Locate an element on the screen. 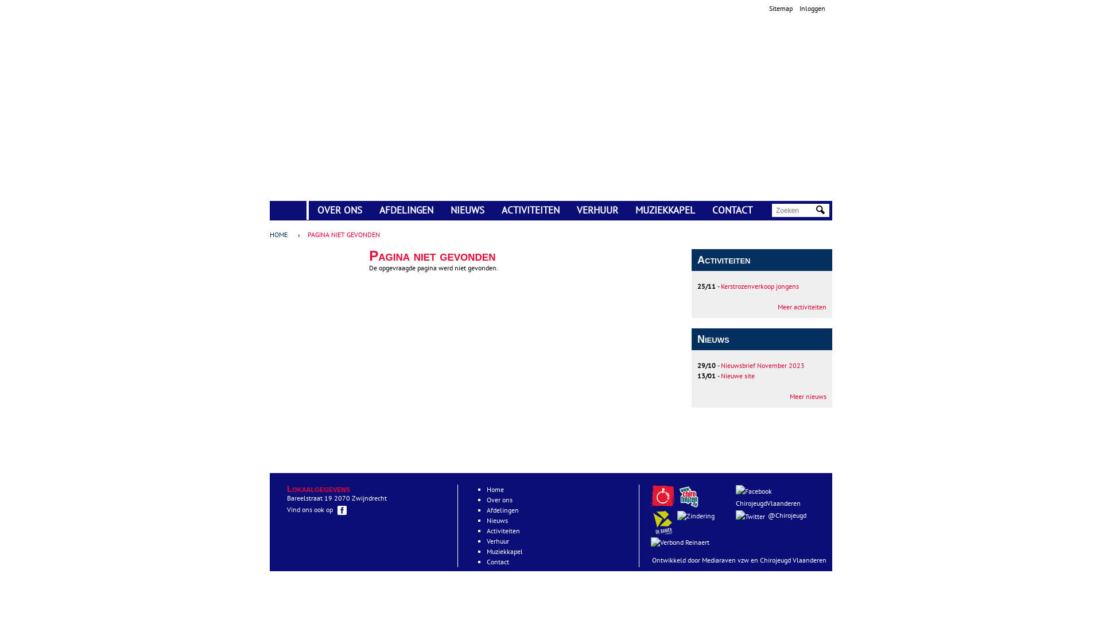  'VERHUUR' is located at coordinates (597, 210).